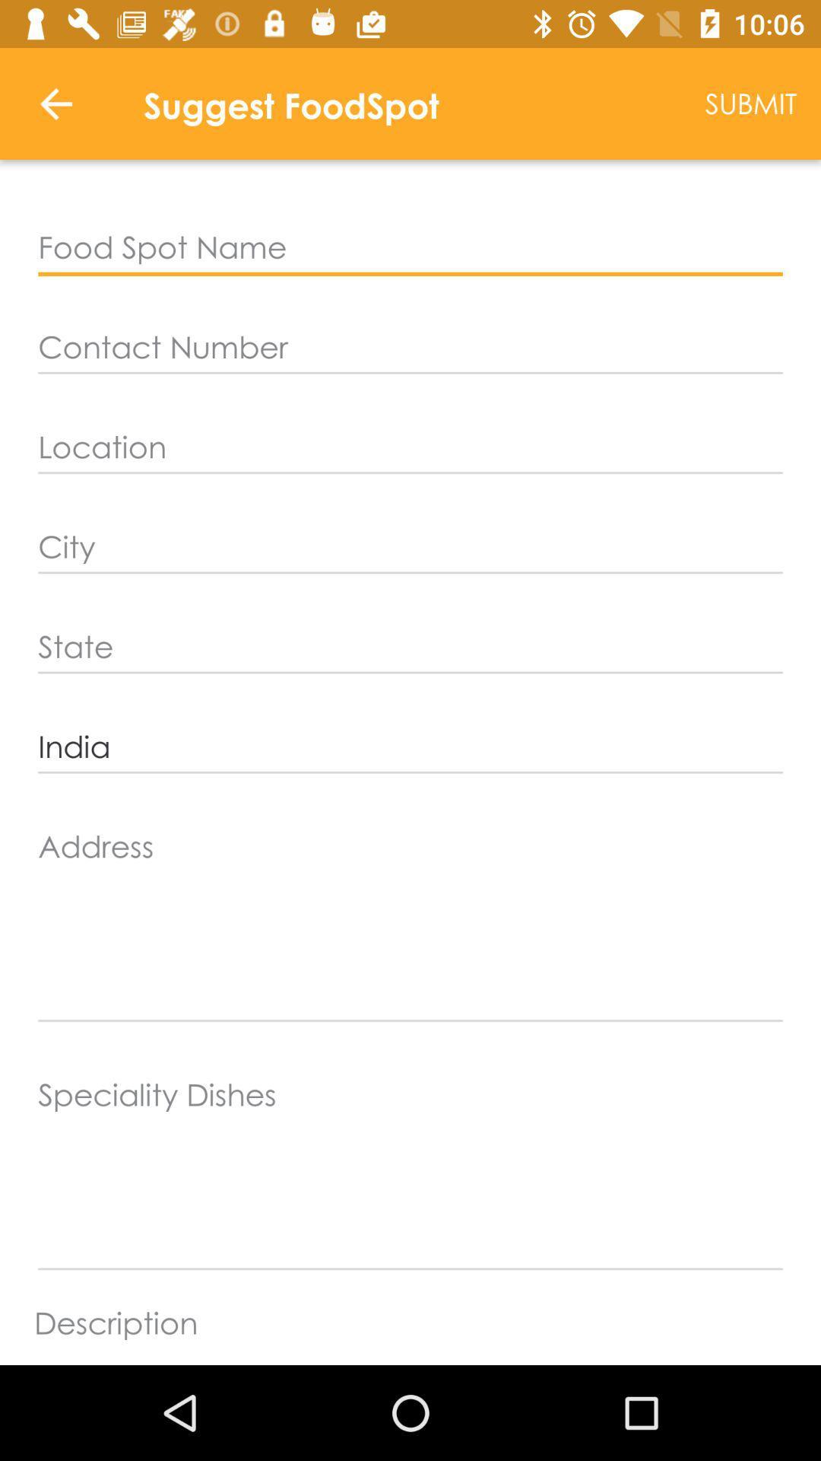  I want to click on item to the left of suggest foodspot icon, so click(55, 103).